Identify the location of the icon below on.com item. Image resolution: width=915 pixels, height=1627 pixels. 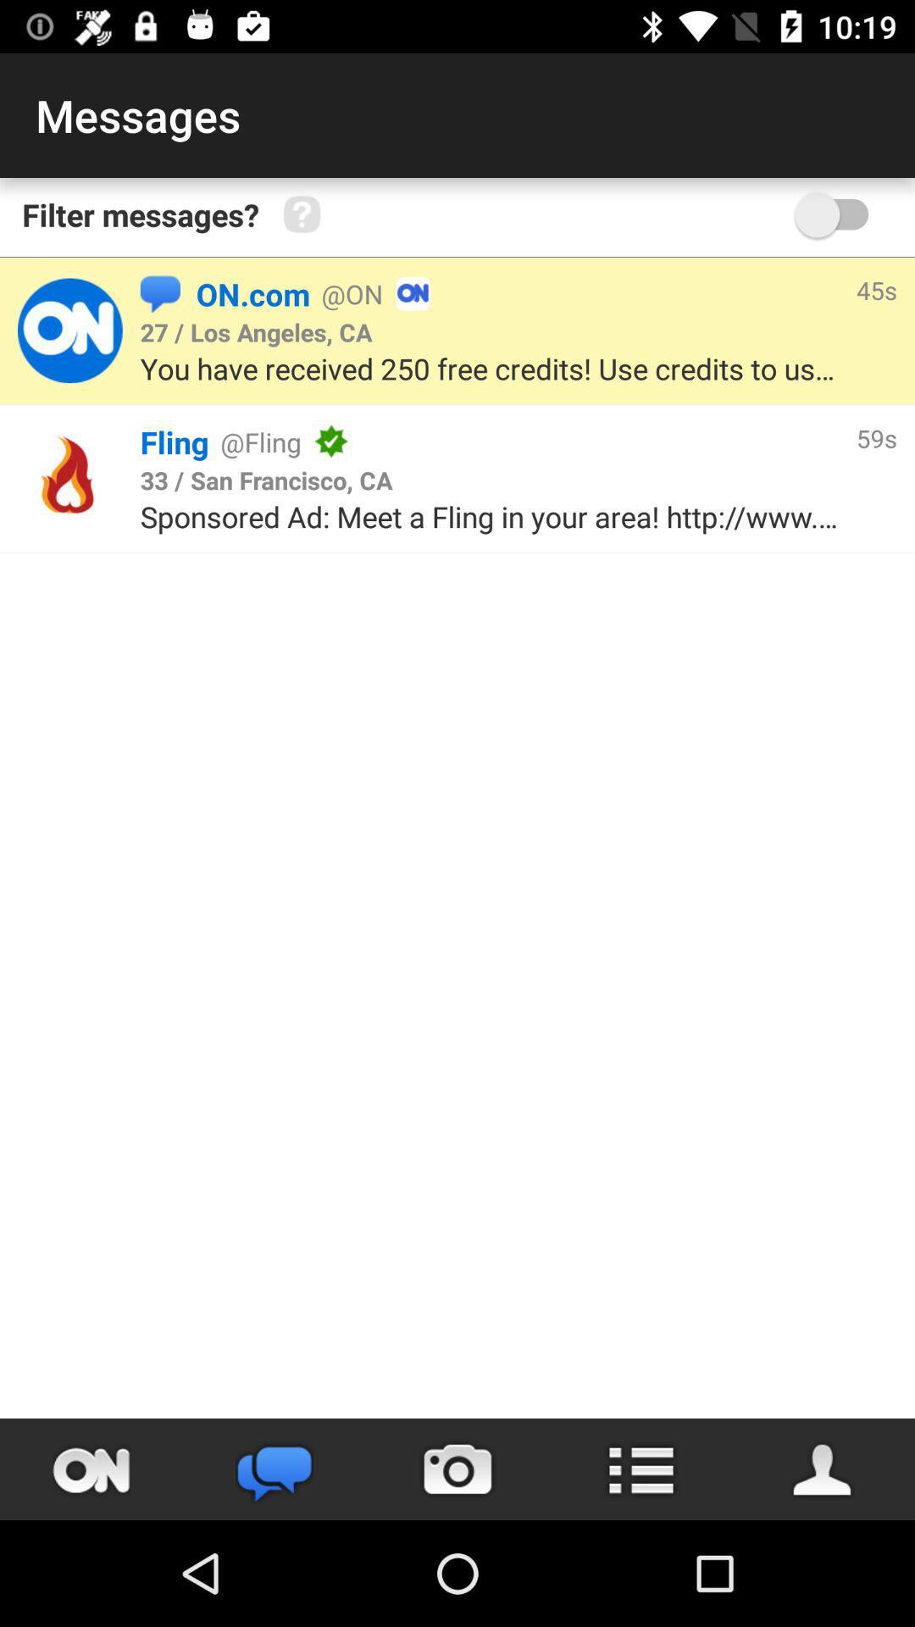
(256, 331).